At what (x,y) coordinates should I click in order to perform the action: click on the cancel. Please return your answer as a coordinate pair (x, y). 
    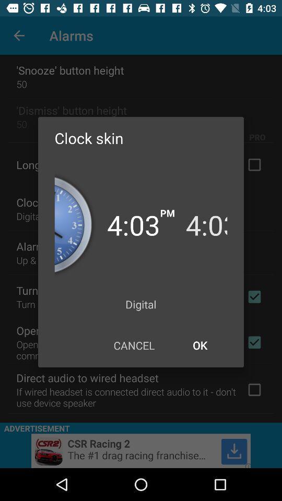
    Looking at the image, I should click on (134, 345).